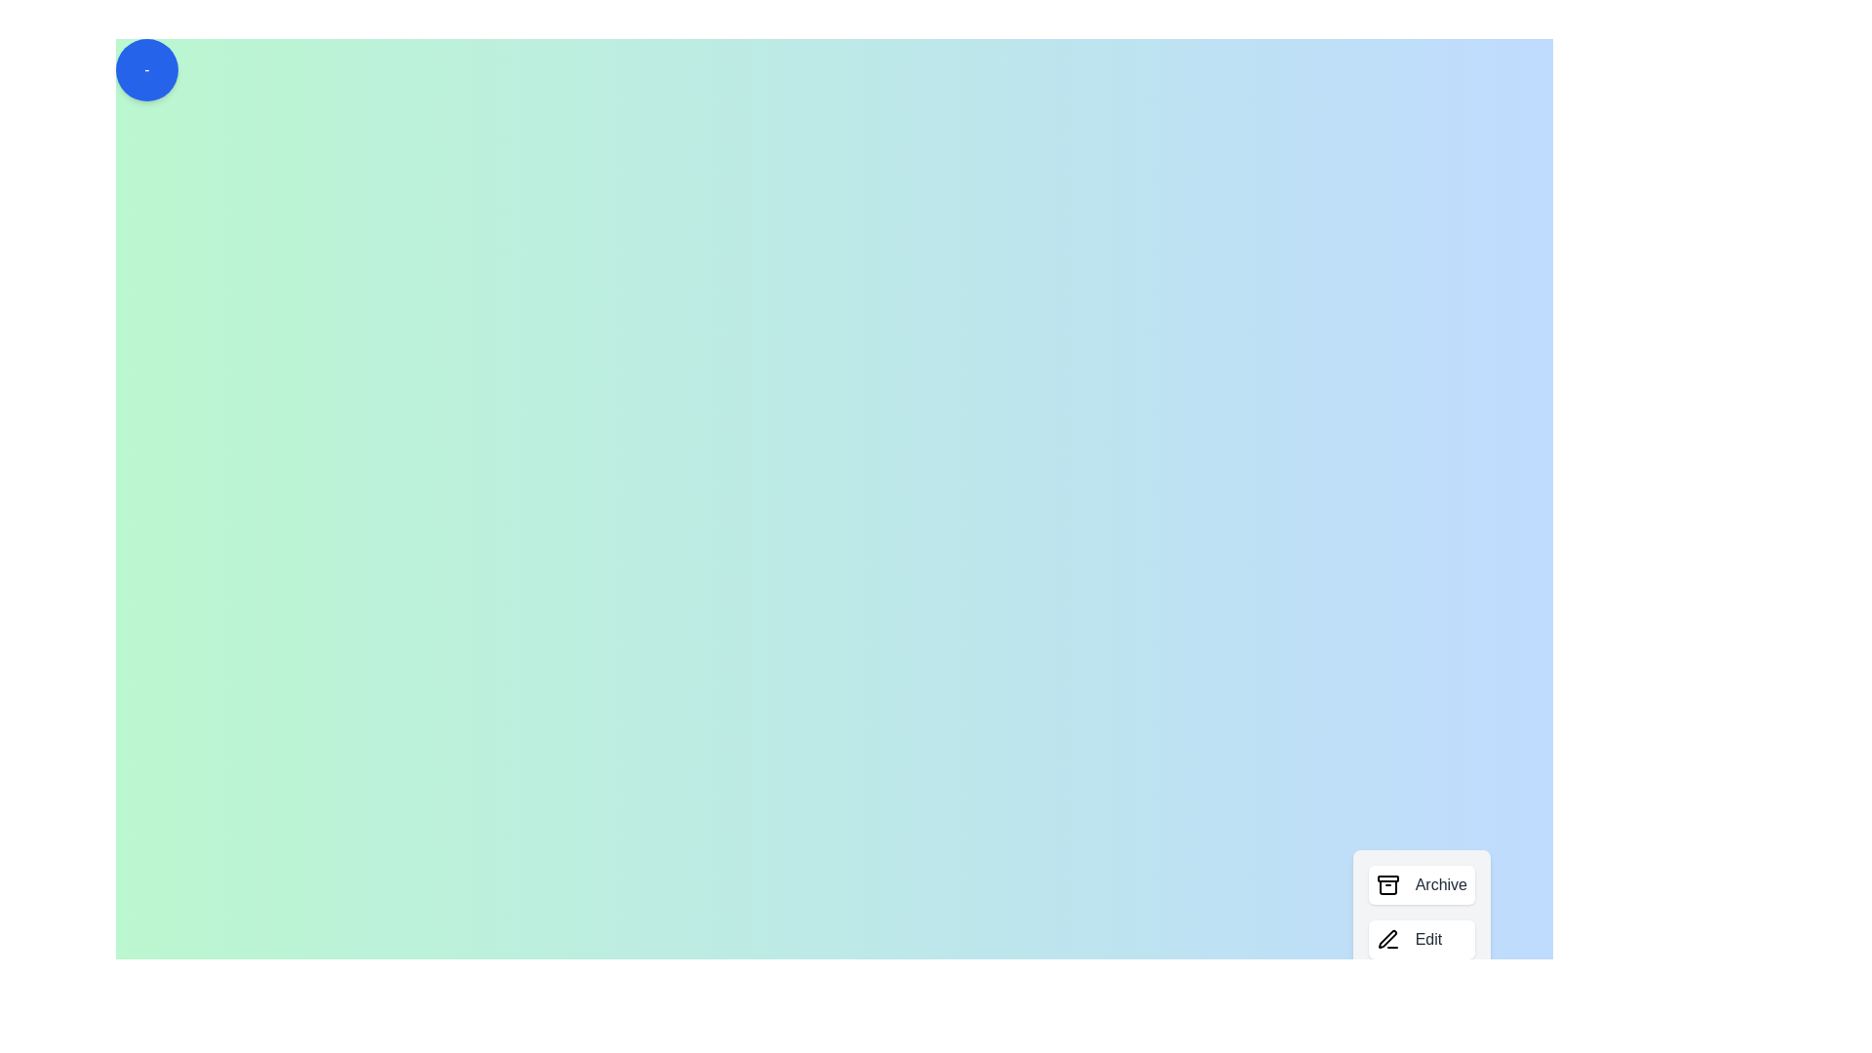 The image size is (1872, 1053). Describe the element at coordinates (1422, 884) in the screenshot. I see `the 'Archive' button located at the bottom right of the interface, which is the first option in a vertically stacked group of buttons` at that location.